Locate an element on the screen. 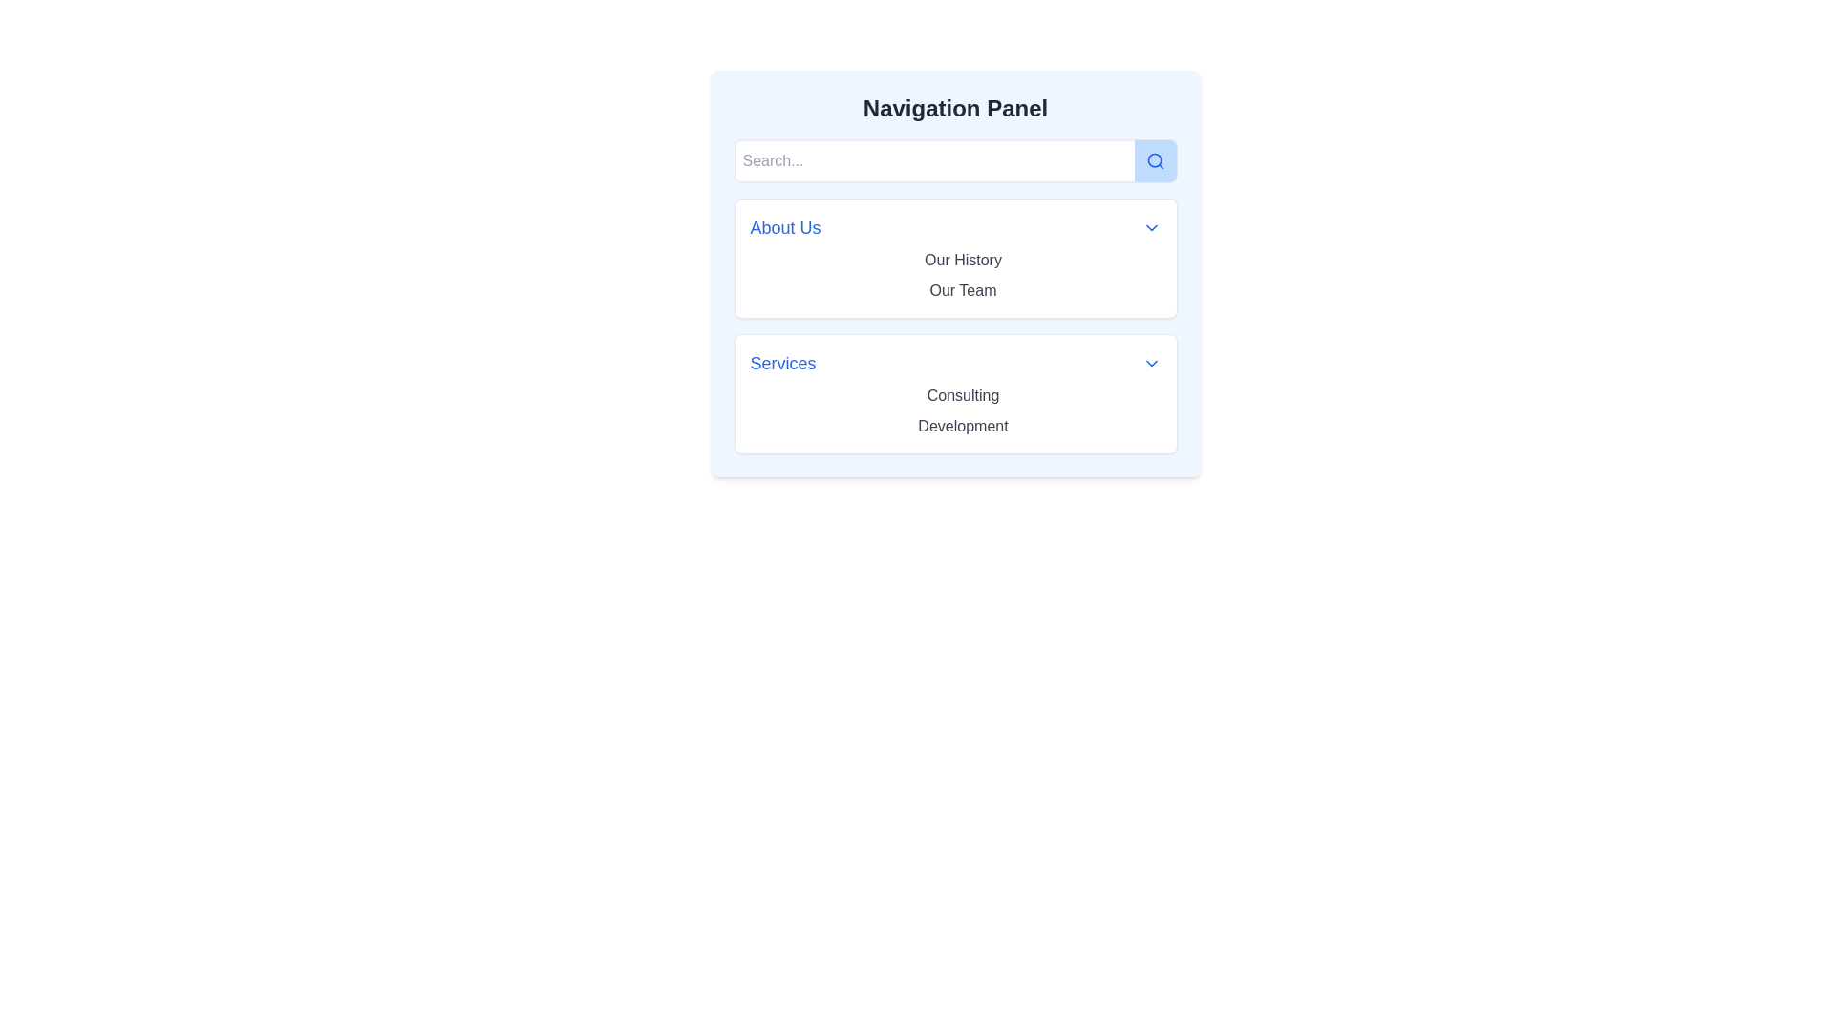 Image resolution: width=1834 pixels, height=1031 pixels. the text input field (search box) located under the label 'Navigation Panel' by clicking on it to activate the input is located at coordinates (934, 160).